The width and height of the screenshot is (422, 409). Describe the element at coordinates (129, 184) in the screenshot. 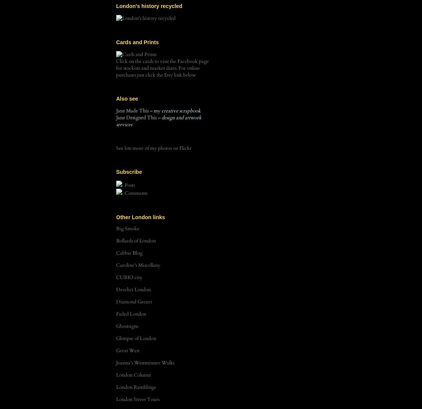

I see `'Posts'` at that location.